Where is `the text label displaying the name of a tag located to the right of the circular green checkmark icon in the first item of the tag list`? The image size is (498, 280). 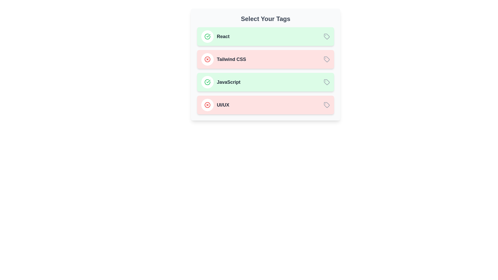
the text label displaying the name of a tag located to the right of the circular green checkmark icon in the first item of the tag list is located at coordinates (223, 36).